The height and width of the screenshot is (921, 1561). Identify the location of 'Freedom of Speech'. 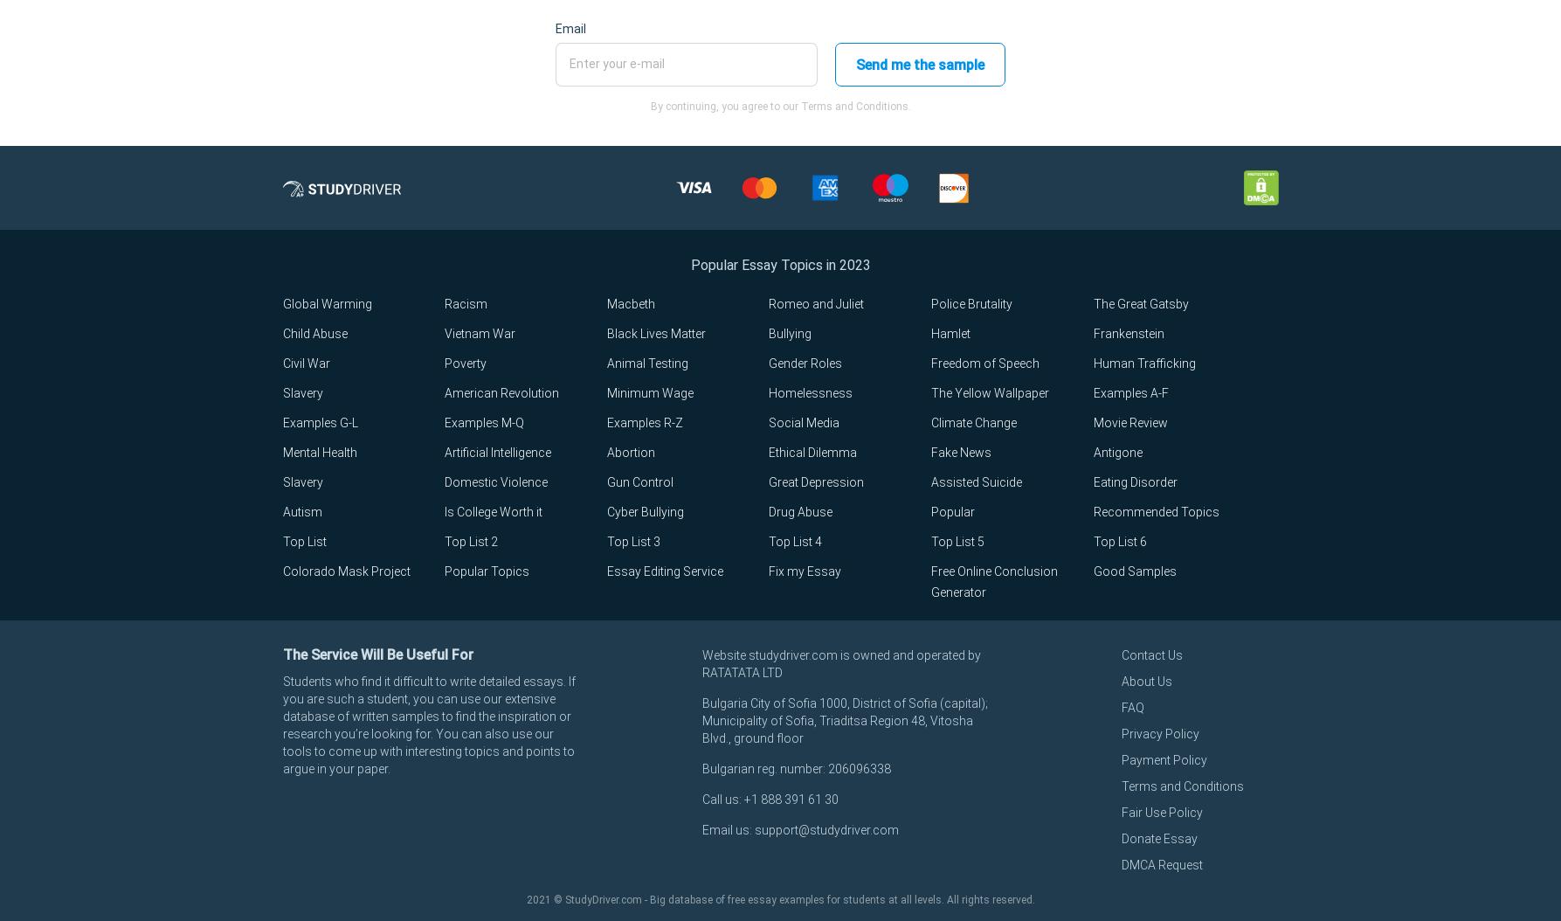
(984, 363).